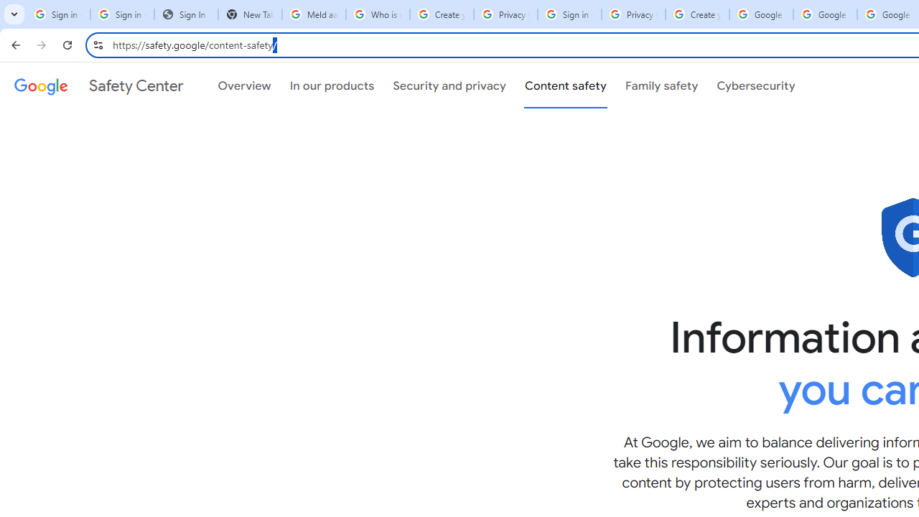  I want to click on 'View site information', so click(97, 44).